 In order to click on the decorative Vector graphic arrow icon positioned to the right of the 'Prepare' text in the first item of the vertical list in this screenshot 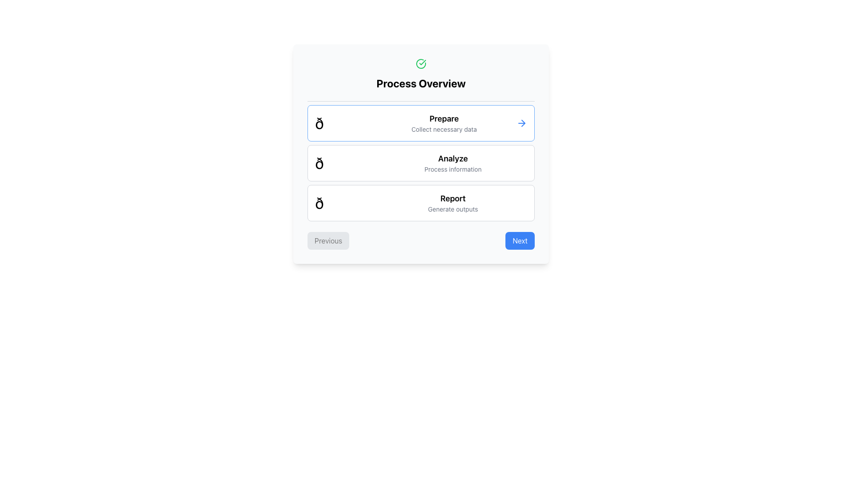, I will do `click(523, 123)`.